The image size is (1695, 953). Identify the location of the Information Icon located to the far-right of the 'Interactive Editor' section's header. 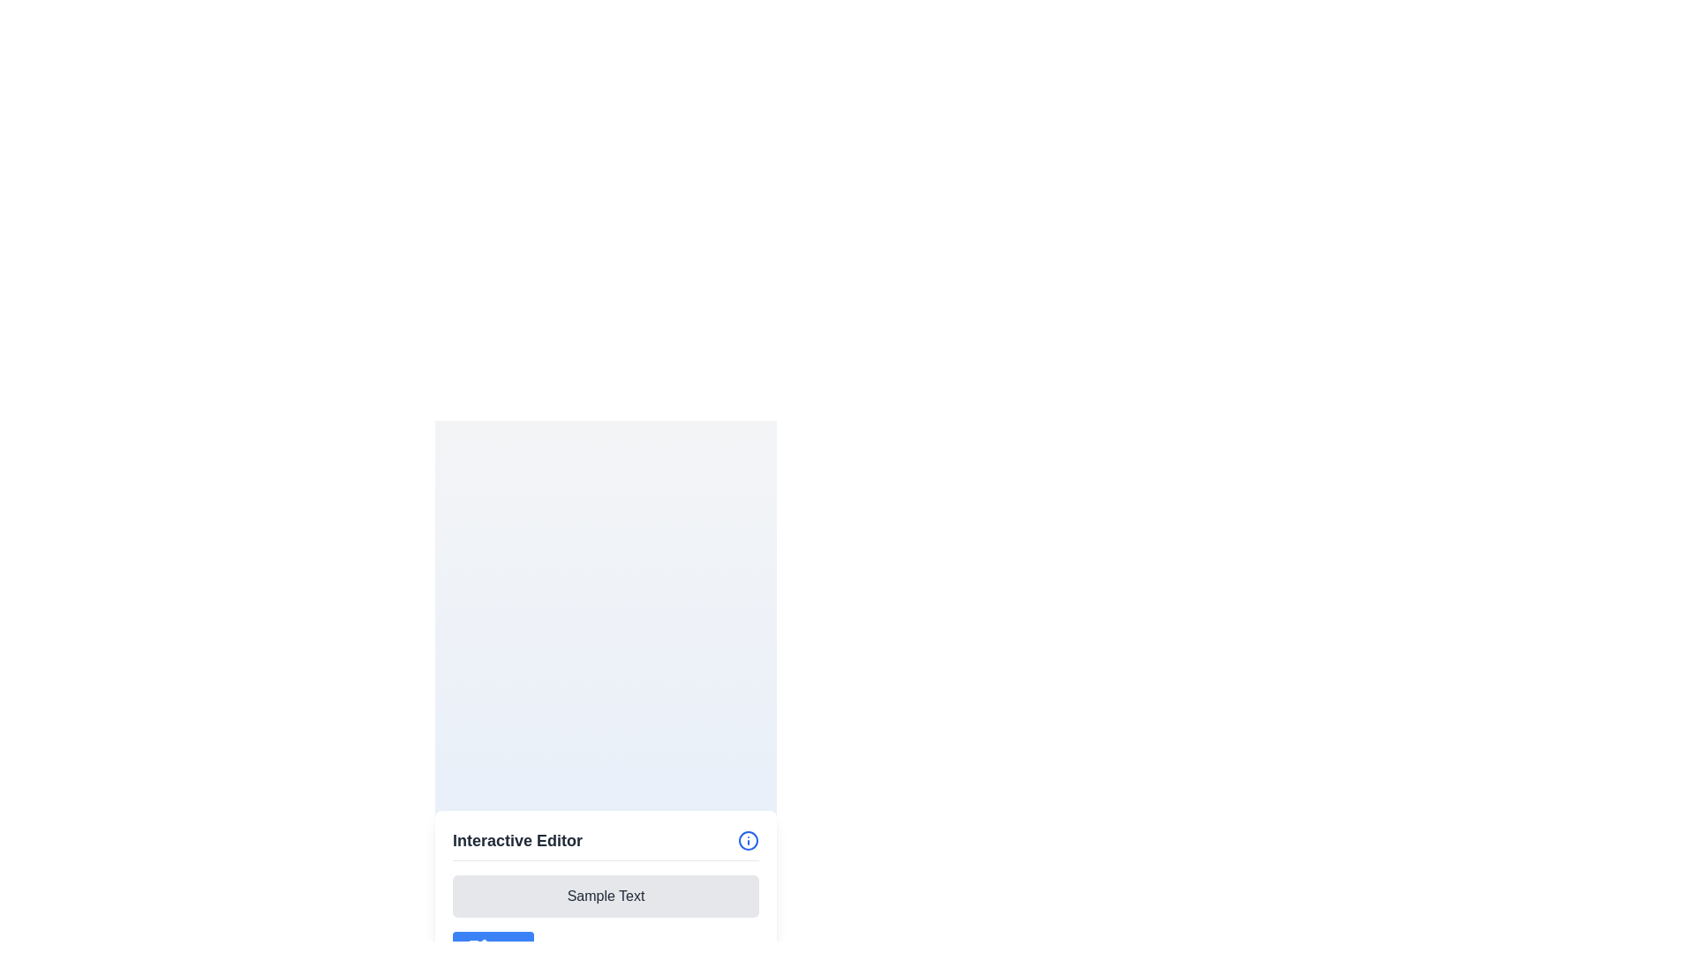
(749, 839).